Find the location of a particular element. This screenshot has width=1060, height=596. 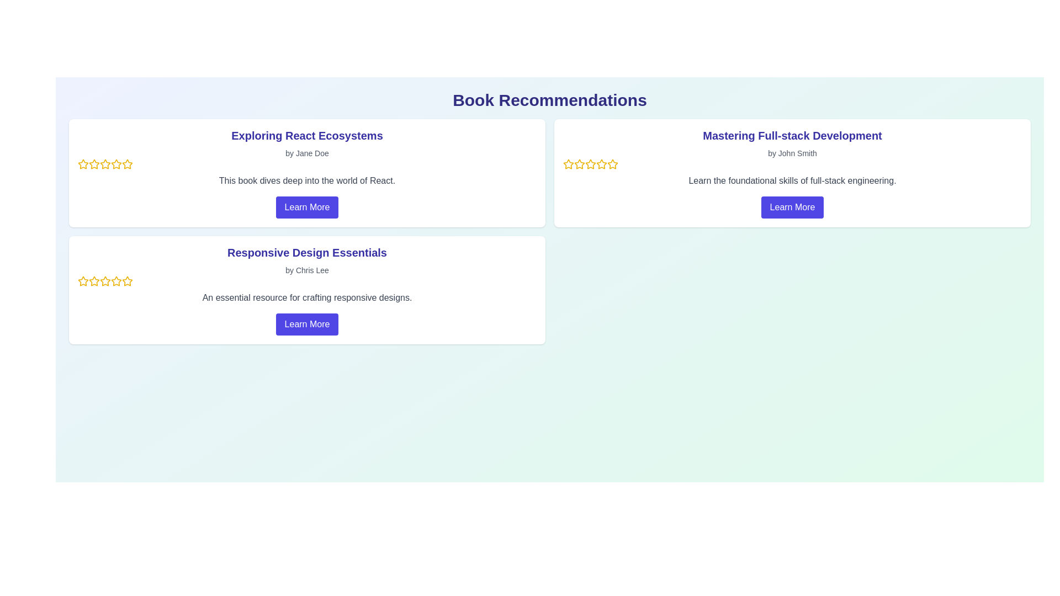

the first rating star of the 5-star rating system located below the title 'Responsive Design Essentials' in the bottom-left card of the layout is located at coordinates (82, 280).